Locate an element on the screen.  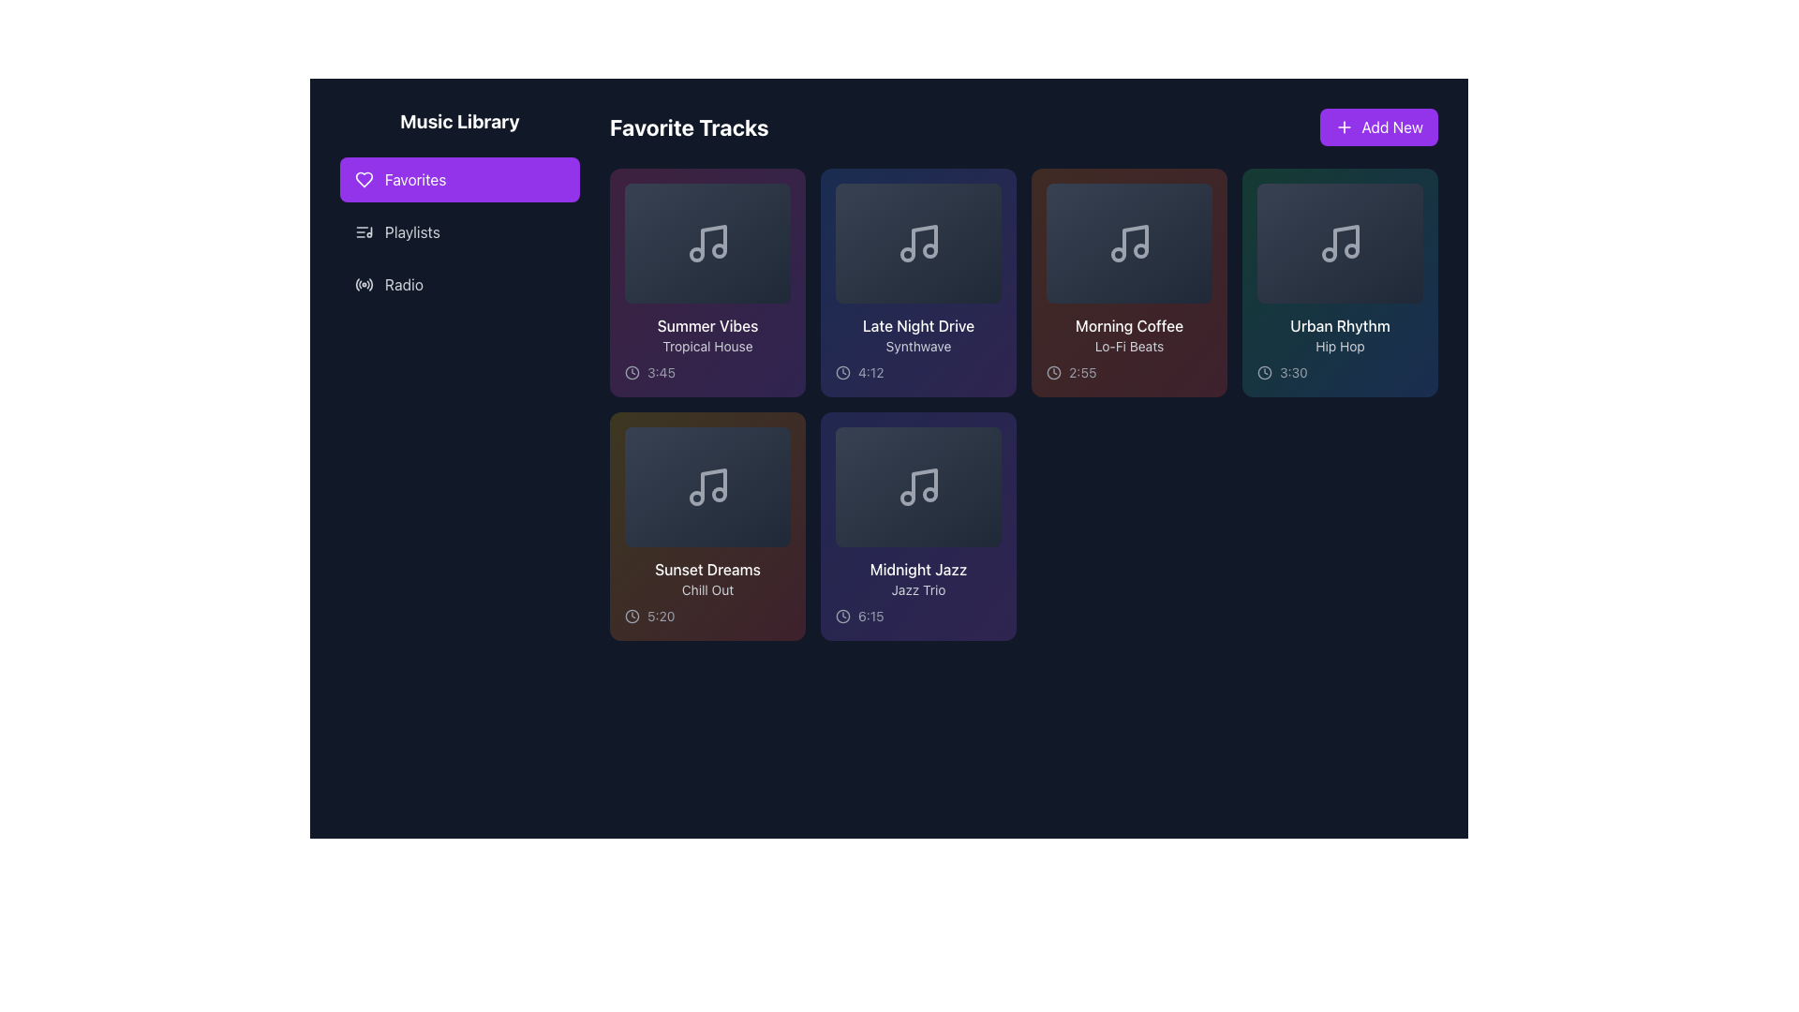
the Text label displaying the duration of the track located below the title 'Summer Vibes' and to the right of a clock icon in the 'Favorite Tracks' area is located at coordinates (661, 372).